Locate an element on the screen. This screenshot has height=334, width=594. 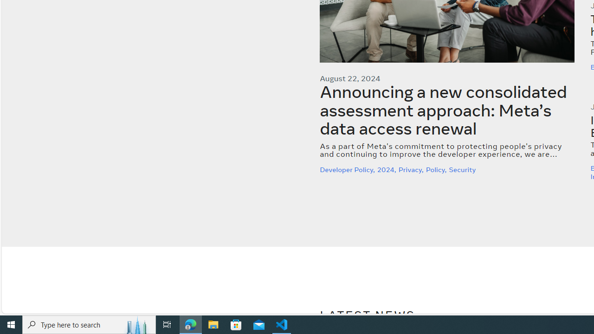
'Security' is located at coordinates (463, 169).